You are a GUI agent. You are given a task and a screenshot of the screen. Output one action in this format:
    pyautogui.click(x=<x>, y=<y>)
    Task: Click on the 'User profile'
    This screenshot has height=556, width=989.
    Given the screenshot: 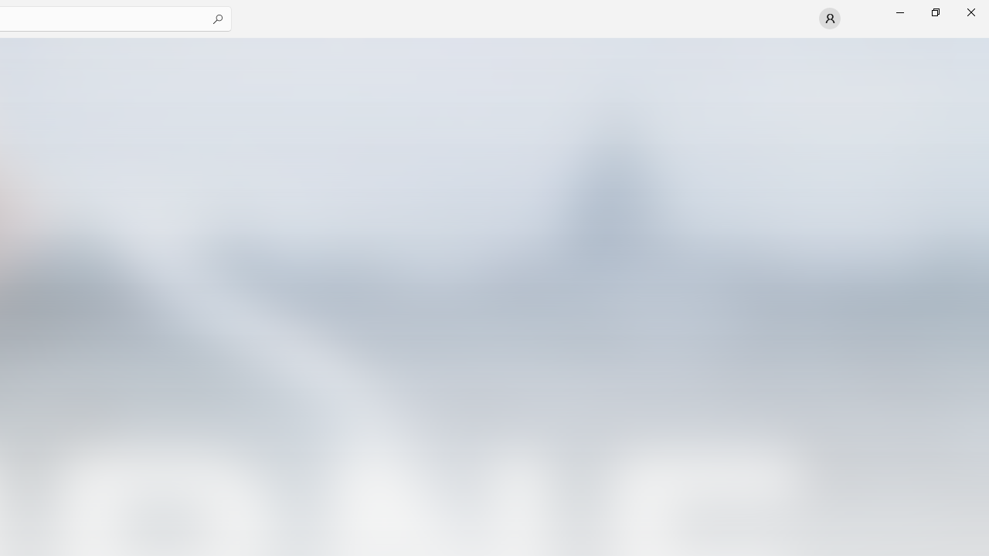 What is the action you would take?
    pyautogui.click(x=828, y=19)
    